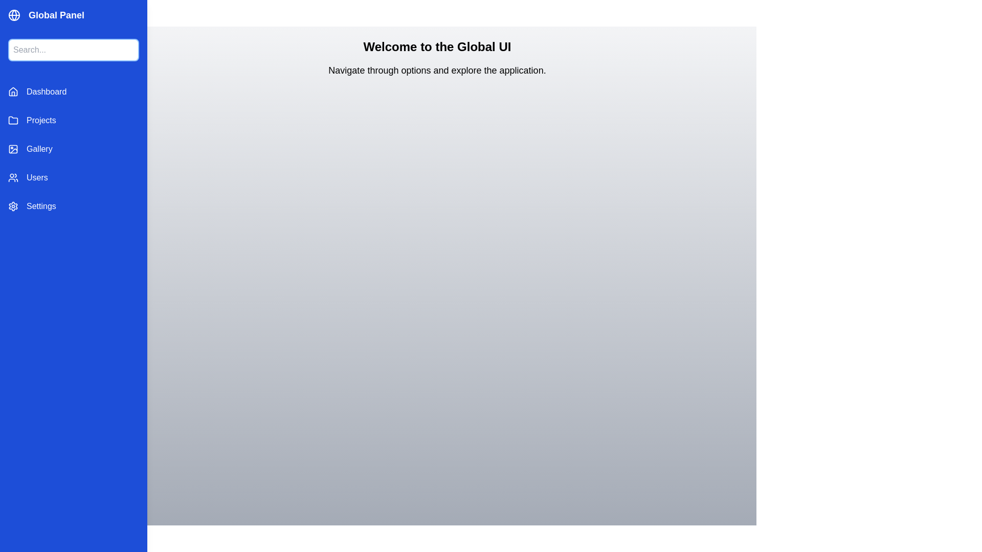  What do you see at coordinates (73, 120) in the screenshot?
I see `the navigation item labeled Projects to switch to its corresponding view` at bounding box center [73, 120].